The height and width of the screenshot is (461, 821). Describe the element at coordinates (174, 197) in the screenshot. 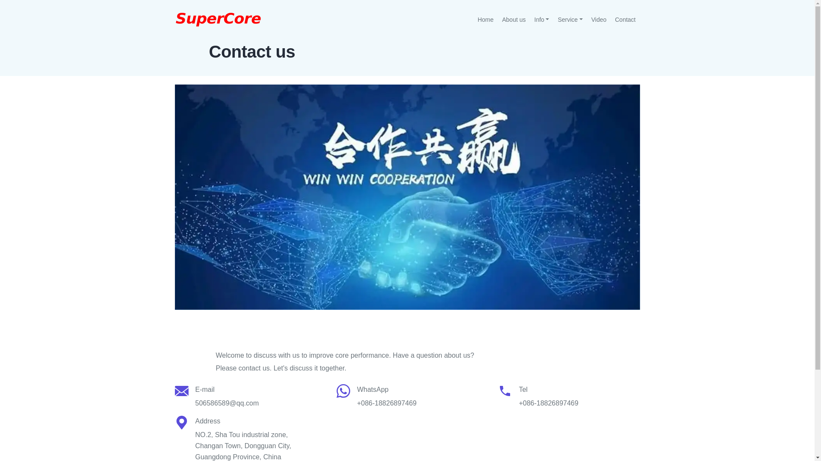

I see `'Contact us'` at that location.